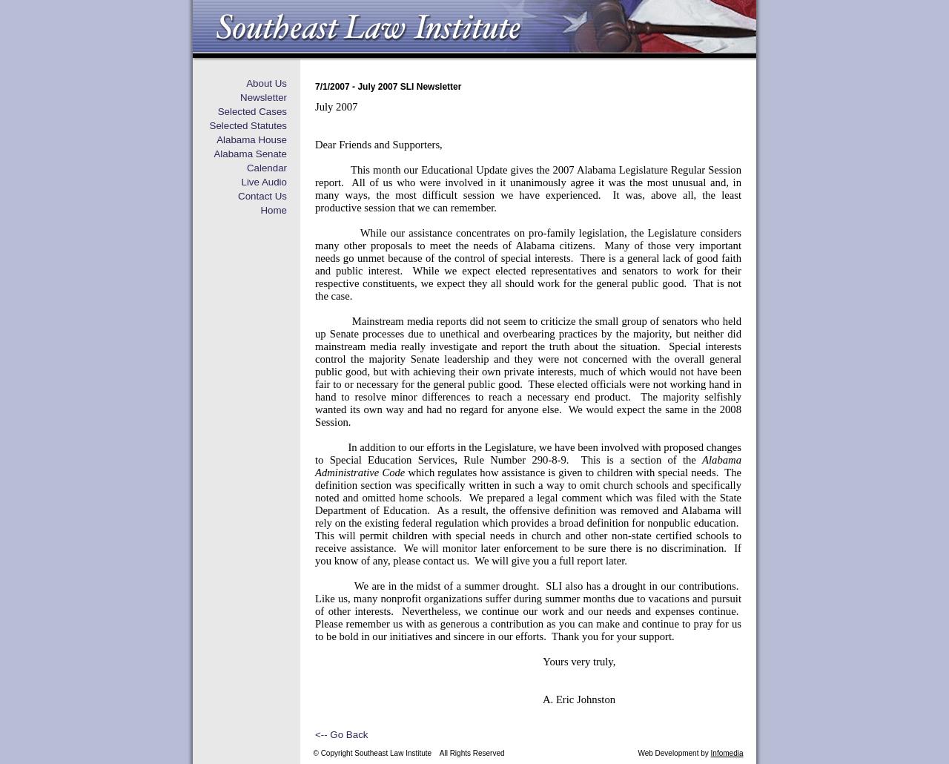  Describe the element at coordinates (563, 548) in the screenshot. I see `'We will monitor later enforcement to be sure there is no discrimination.'` at that location.